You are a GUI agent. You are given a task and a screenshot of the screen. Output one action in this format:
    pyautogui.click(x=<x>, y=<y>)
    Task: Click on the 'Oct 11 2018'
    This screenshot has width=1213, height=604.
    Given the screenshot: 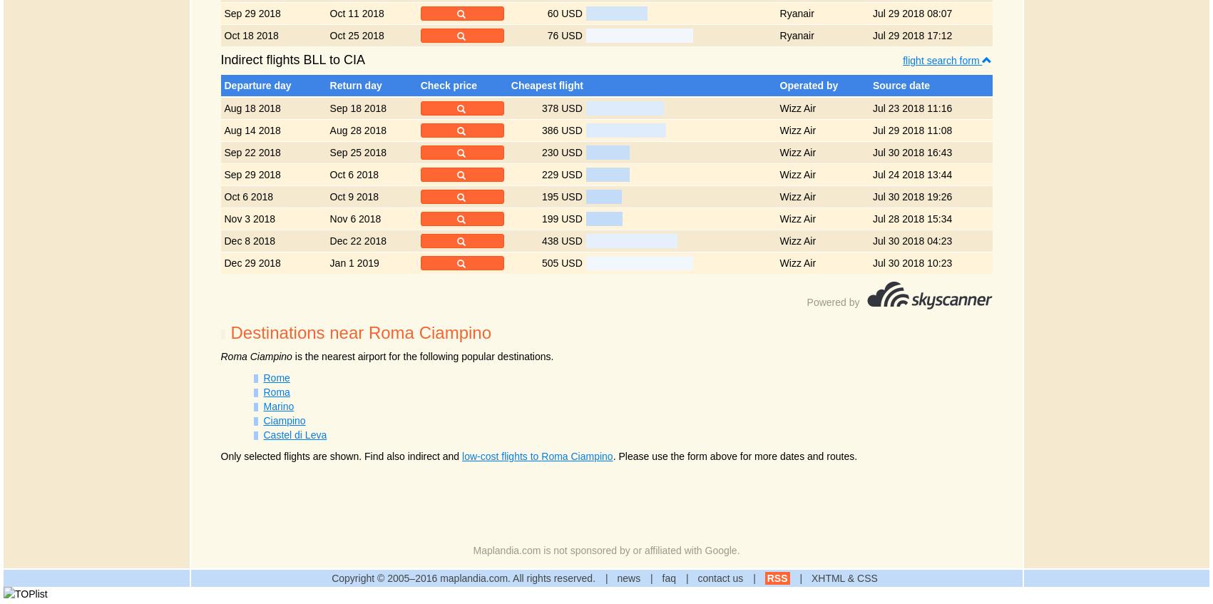 What is the action you would take?
    pyautogui.click(x=356, y=12)
    